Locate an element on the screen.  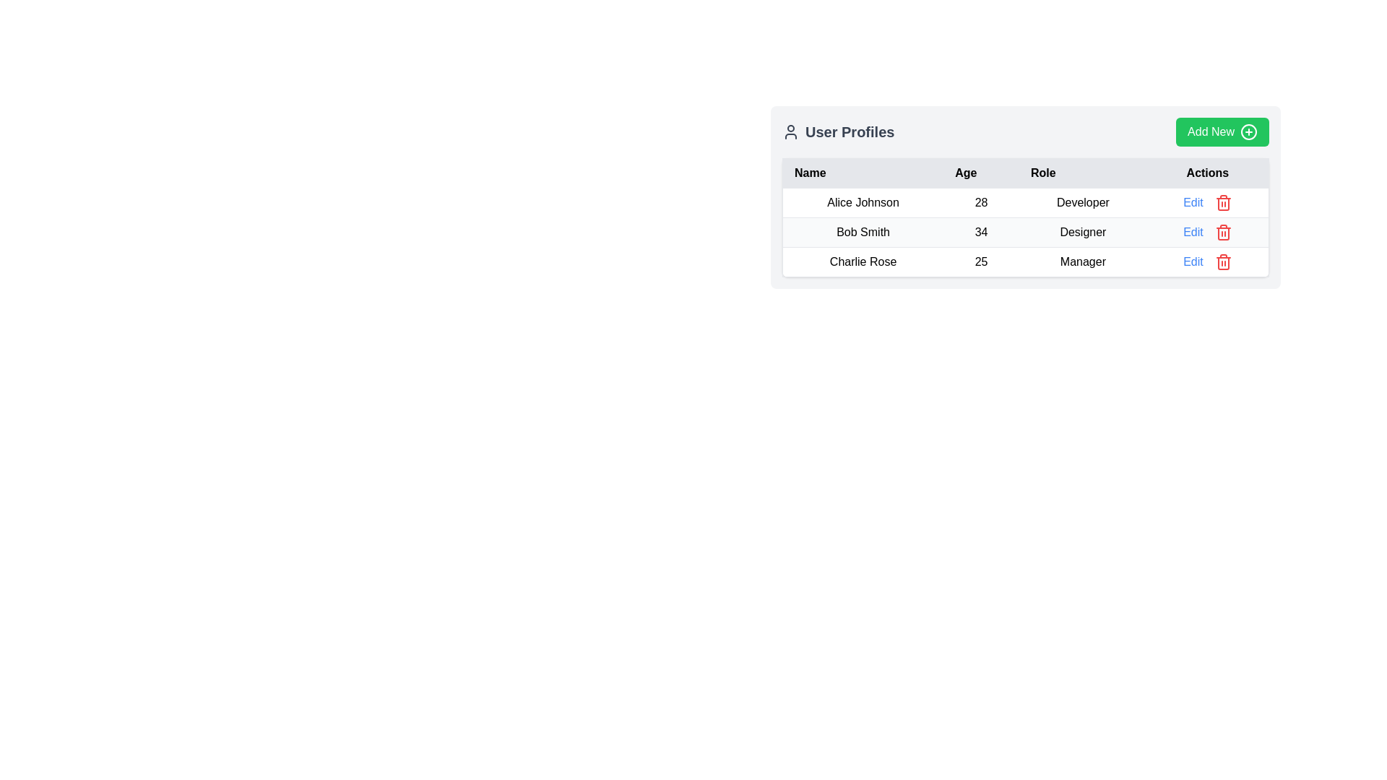
the Table Header Row located in the bordered and rounded table below the 'User Profiles' panel to sort by column labels is located at coordinates (1025, 172).